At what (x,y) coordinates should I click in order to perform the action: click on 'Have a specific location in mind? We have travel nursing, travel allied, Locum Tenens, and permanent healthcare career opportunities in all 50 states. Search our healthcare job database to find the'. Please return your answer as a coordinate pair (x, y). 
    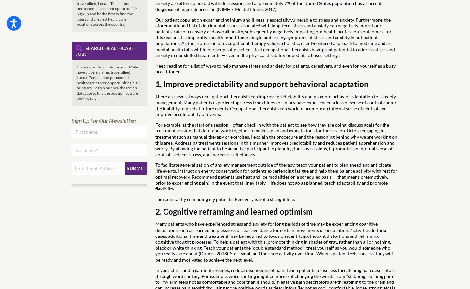
    Looking at the image, I should click on (108, 80).